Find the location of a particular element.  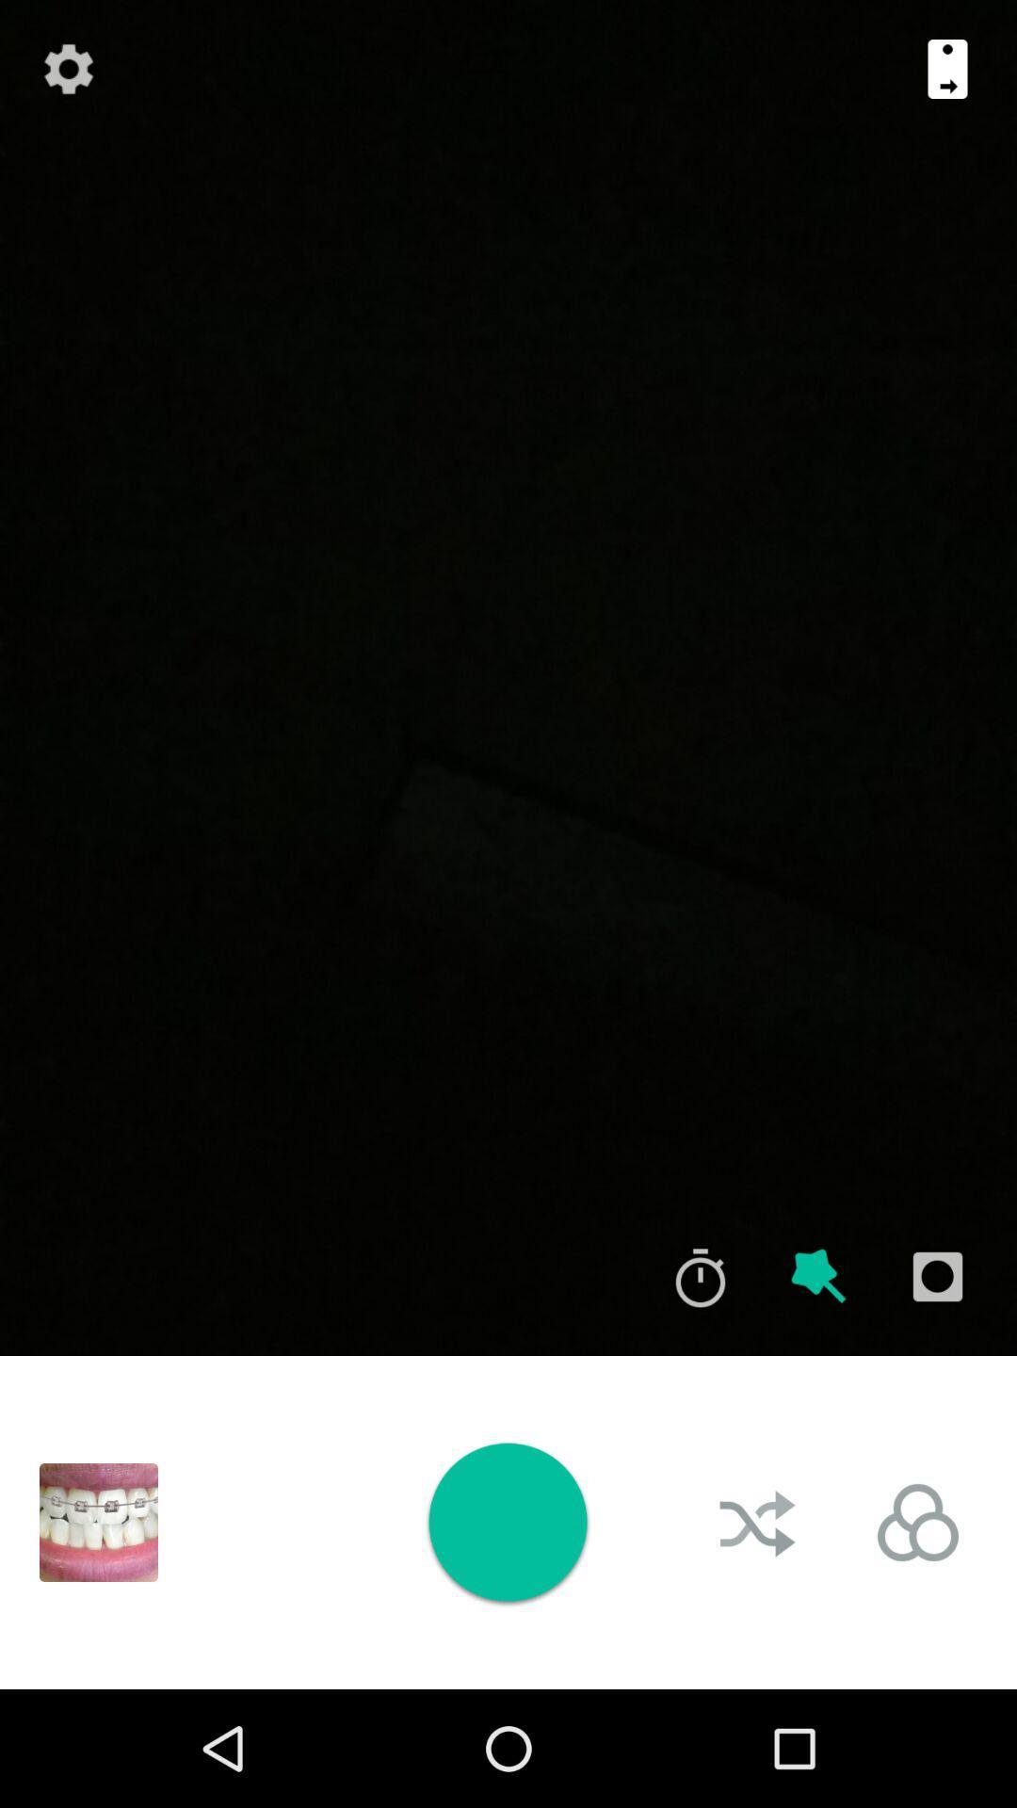

the item at the bottom left corner is located at coordinates (98, 1523).